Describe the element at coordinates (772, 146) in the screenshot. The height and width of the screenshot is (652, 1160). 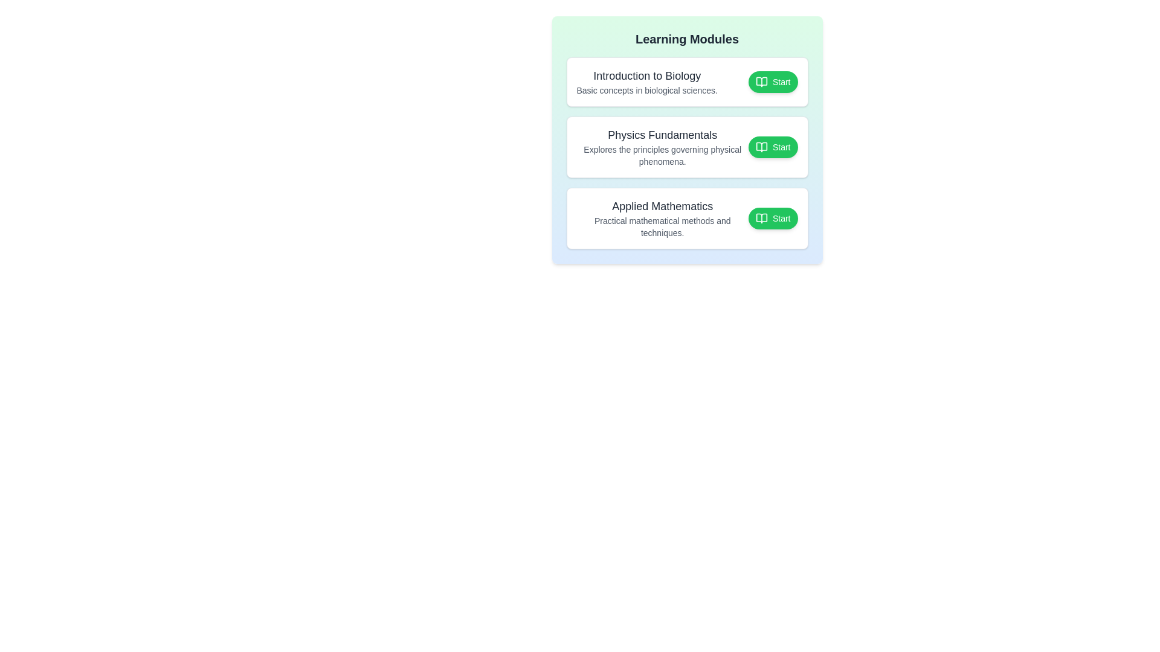
I see `the button associated with the module Physics Fundamentals to toggle its completion status` at that location.